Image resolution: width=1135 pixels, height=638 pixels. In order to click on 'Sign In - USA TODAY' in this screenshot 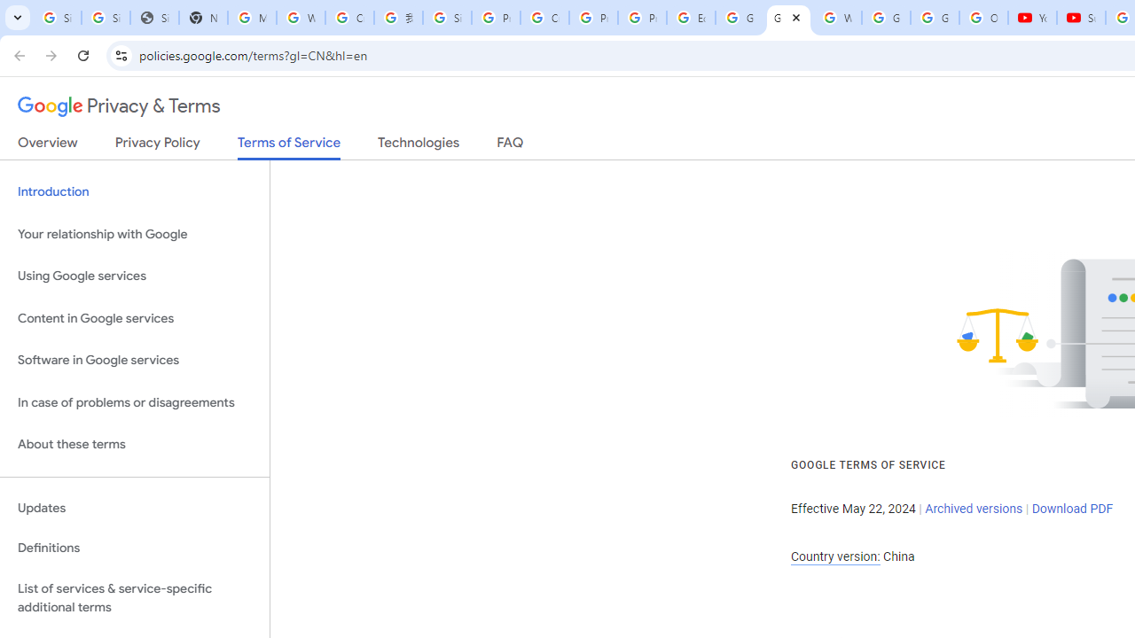, I will do `click(154, 18)`.